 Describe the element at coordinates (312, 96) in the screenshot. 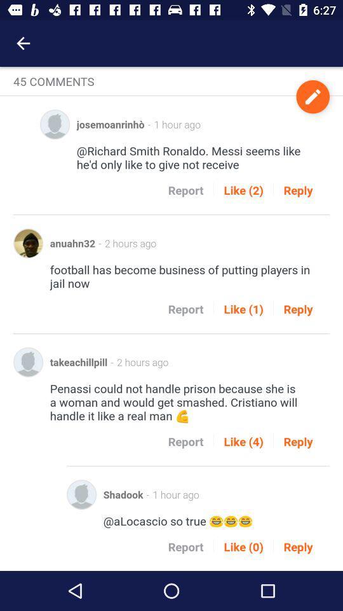

I see `the item next to 1 hour ago icon` at that location.